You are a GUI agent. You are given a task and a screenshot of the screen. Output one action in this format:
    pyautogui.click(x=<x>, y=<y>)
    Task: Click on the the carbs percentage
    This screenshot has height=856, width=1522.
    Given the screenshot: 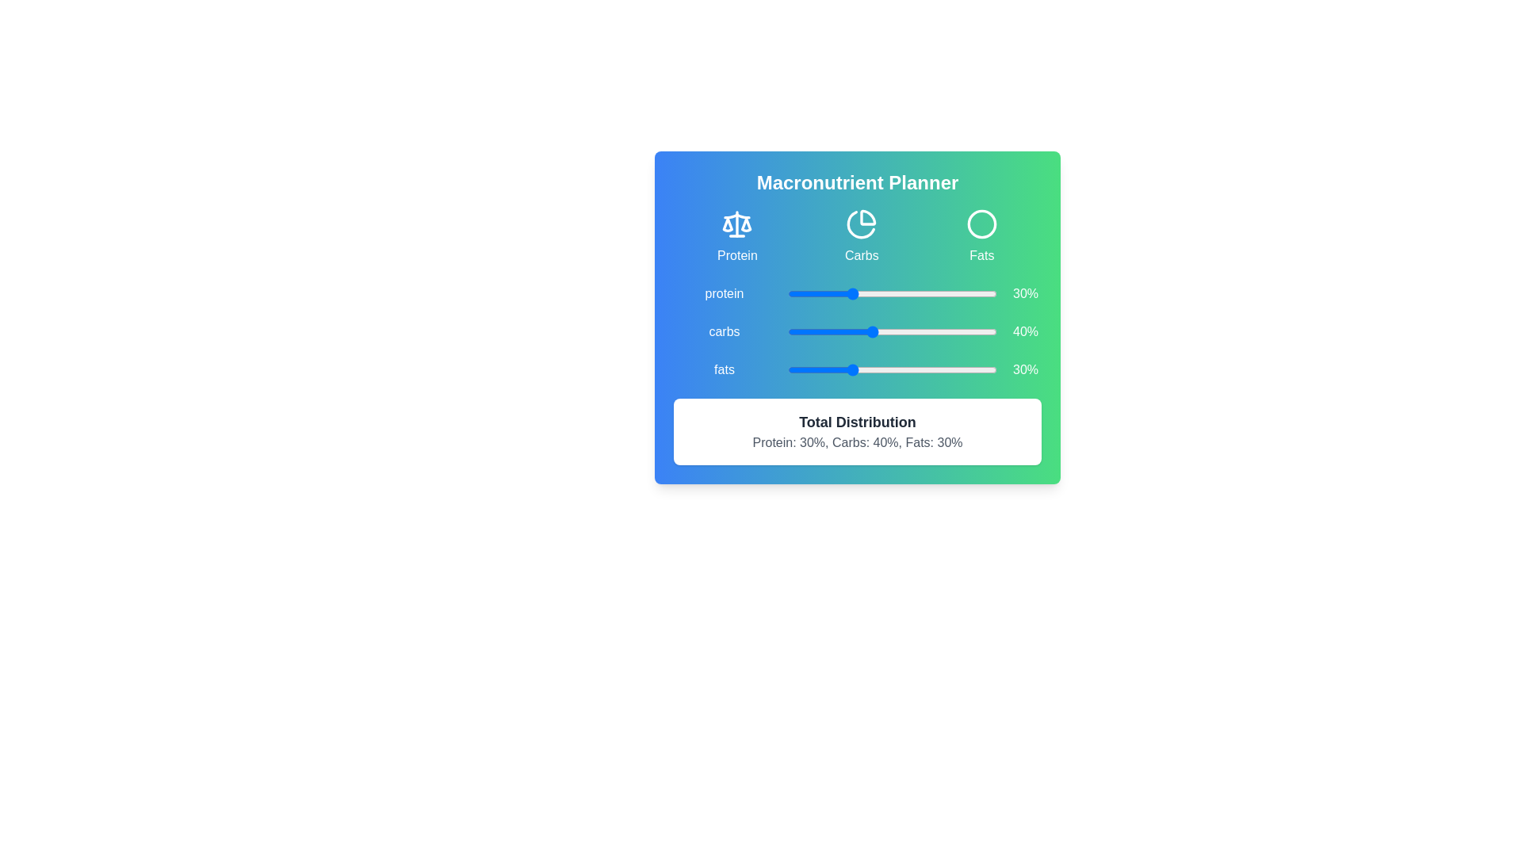 What is the action you would take?
    pyautogui.click(x=824, y=331)
    